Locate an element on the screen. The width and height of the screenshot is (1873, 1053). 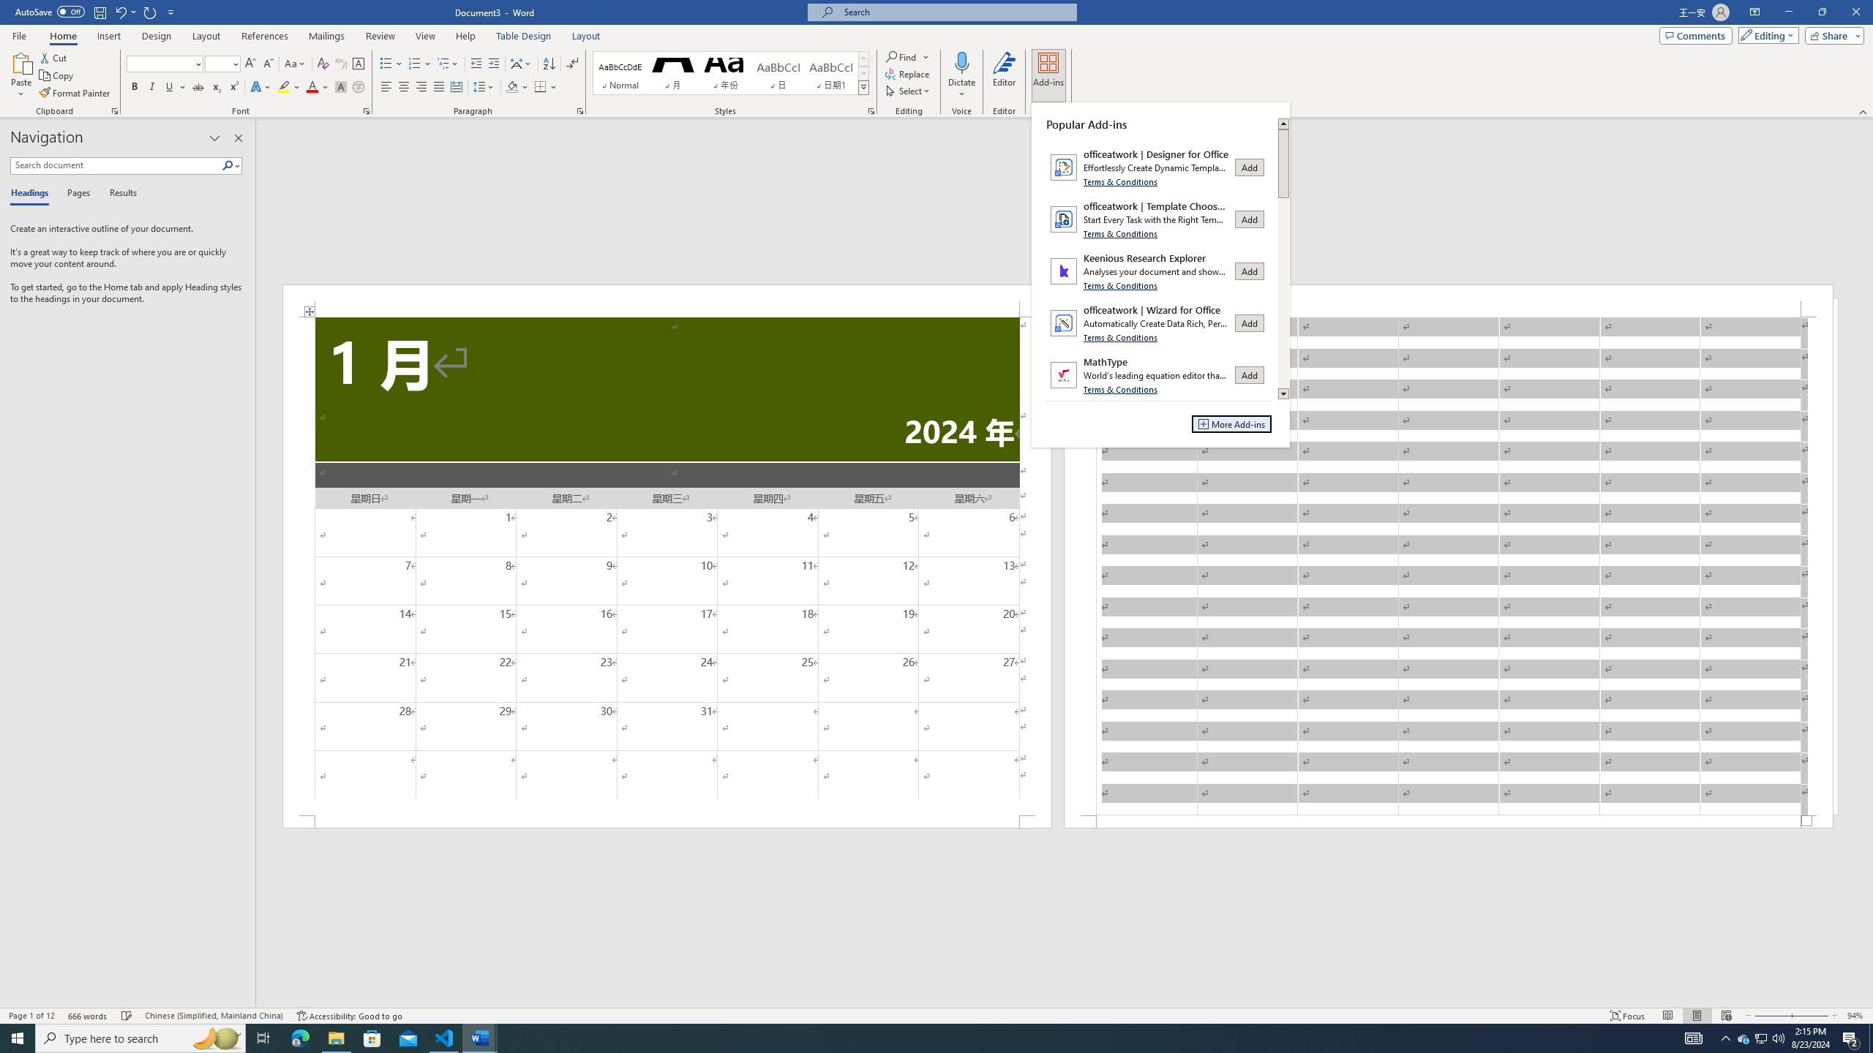
'Line up' is located at coordinates (1283, 123).